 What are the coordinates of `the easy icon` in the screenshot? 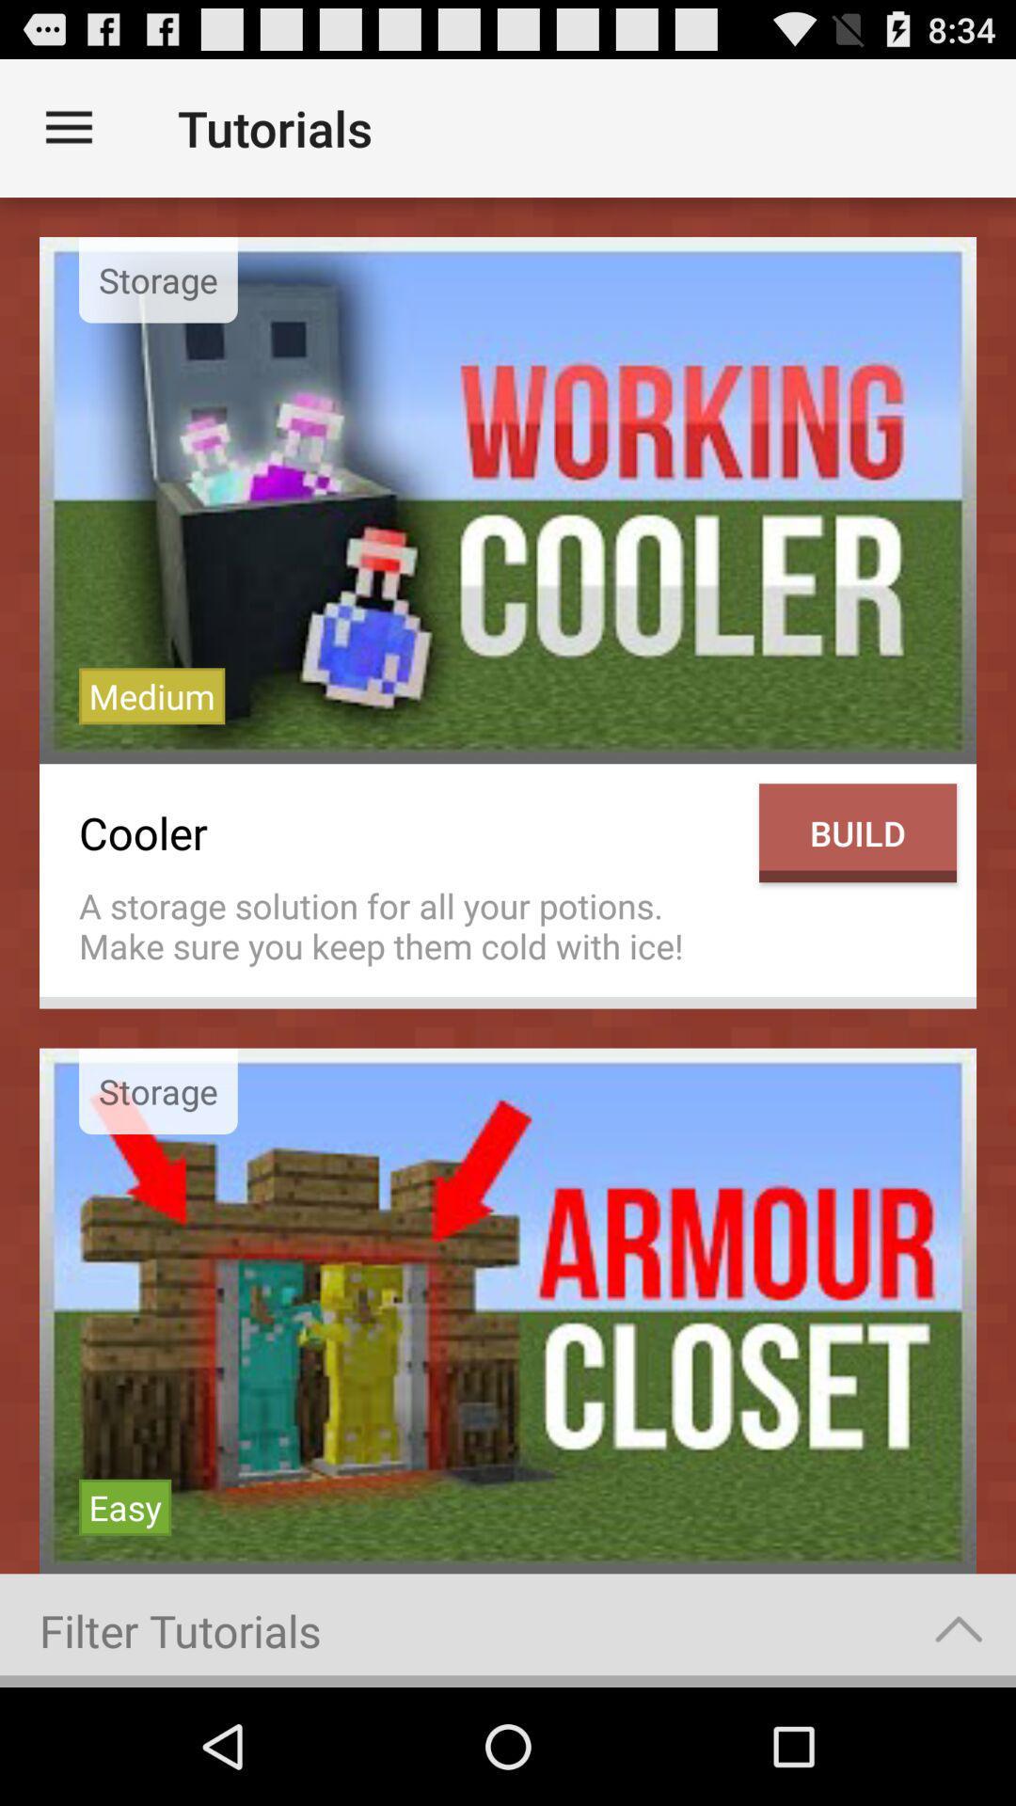 It's located at (125, 1507).